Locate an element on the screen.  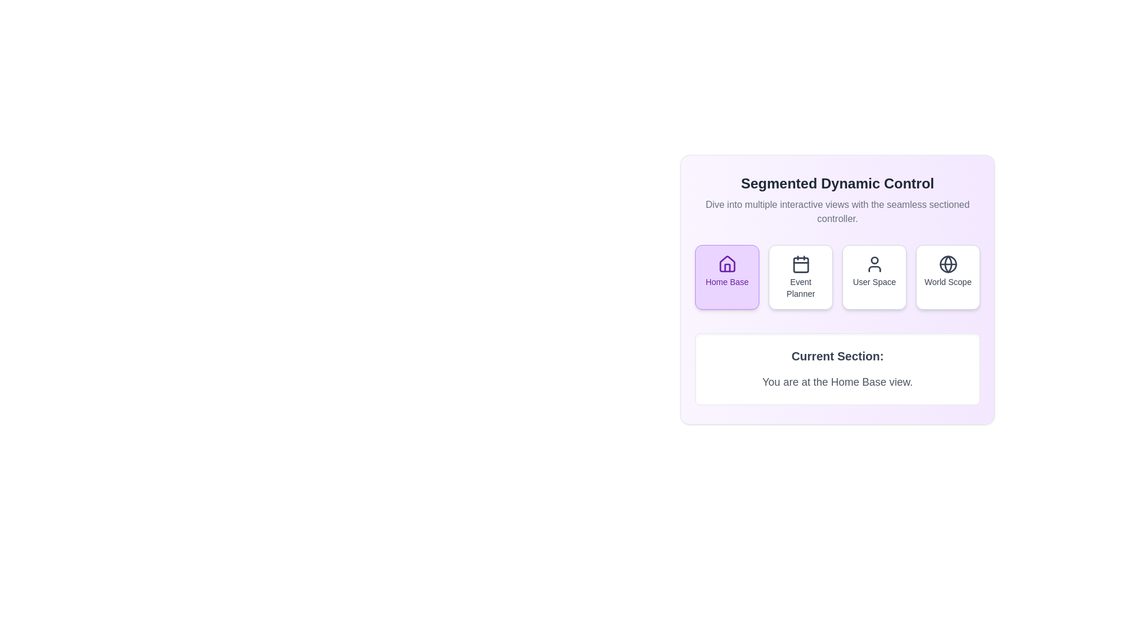
the 'User Space' icon located within the 'User Space' button, part of the 'Segmented Dynamic Control' section is located at coordinates (874, 263).